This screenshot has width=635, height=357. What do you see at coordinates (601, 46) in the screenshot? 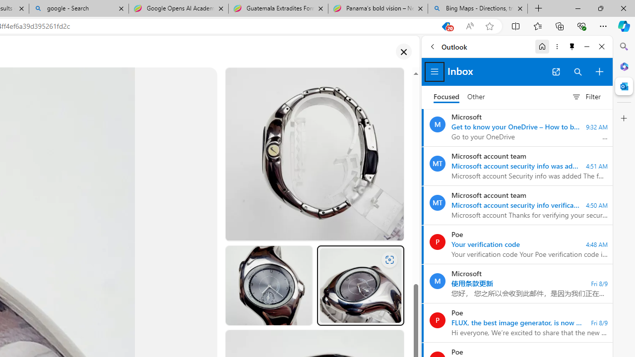
I see `'Close'` at bounding box center [601, 46].